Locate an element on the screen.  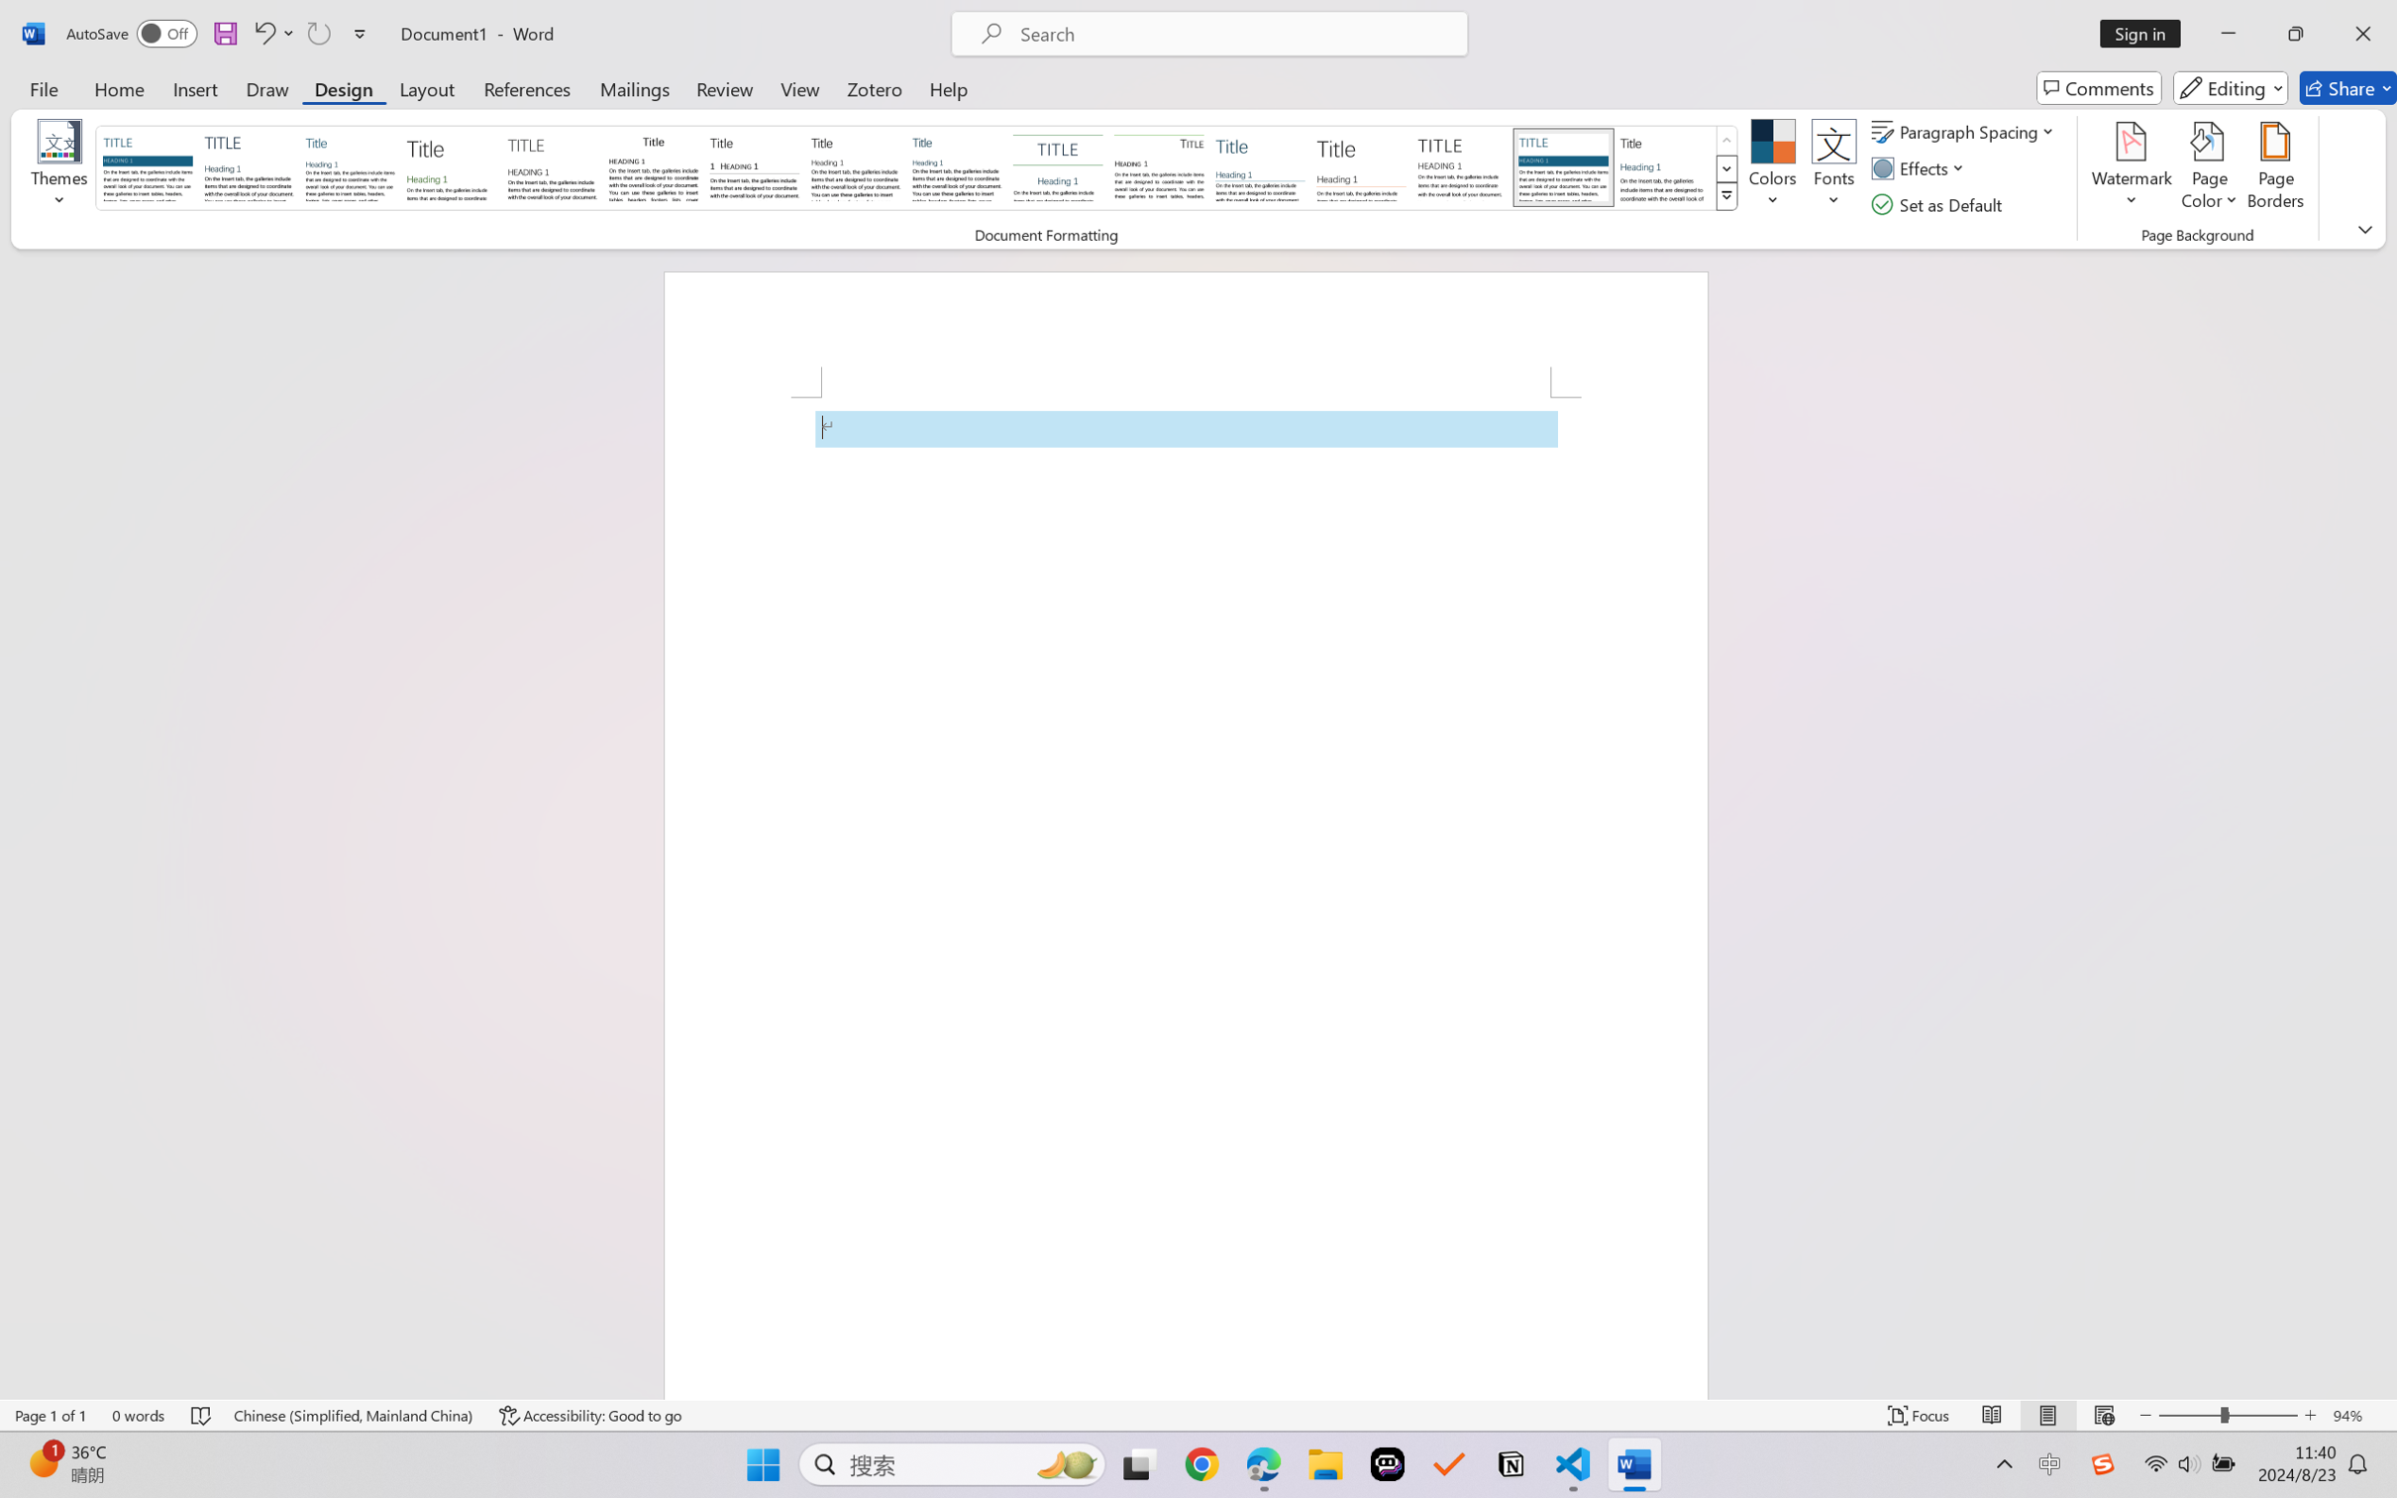
'Can' is located at coordinates (317, 33).